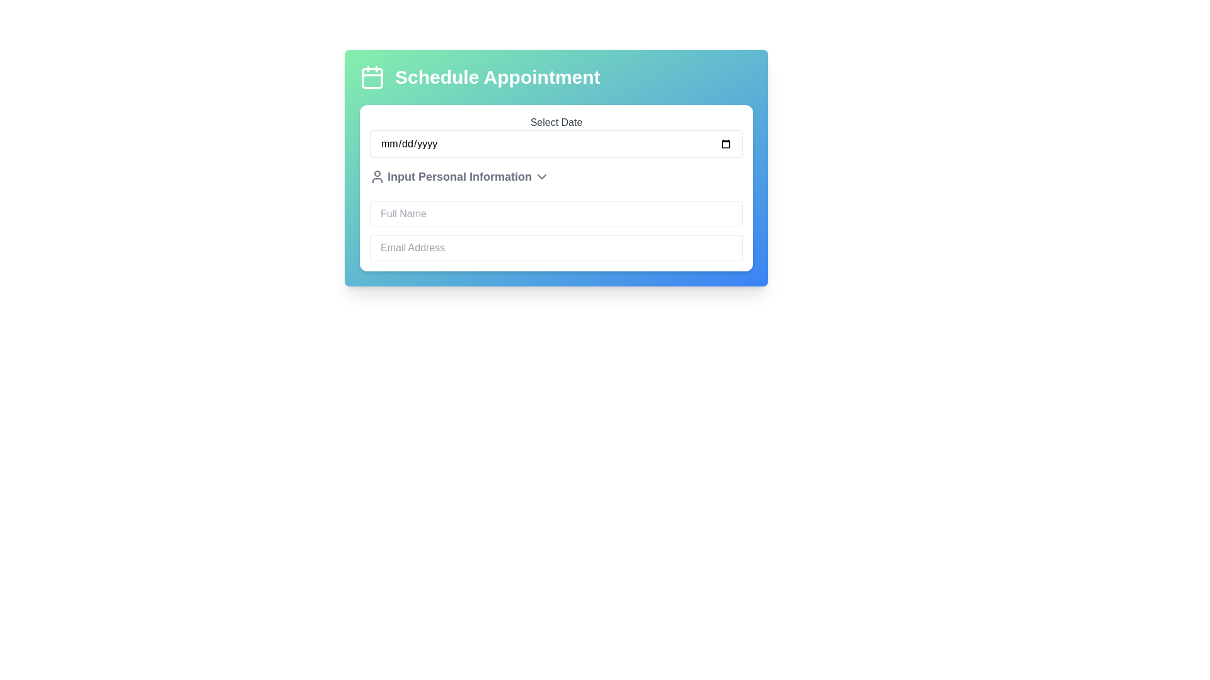 This screenshot has width=1210, height=680. I want to click on the user icon, which is a silhouette of a head and shoulders in gray color, located to the left of the text 'Input Personal Information', so click(377, 177).